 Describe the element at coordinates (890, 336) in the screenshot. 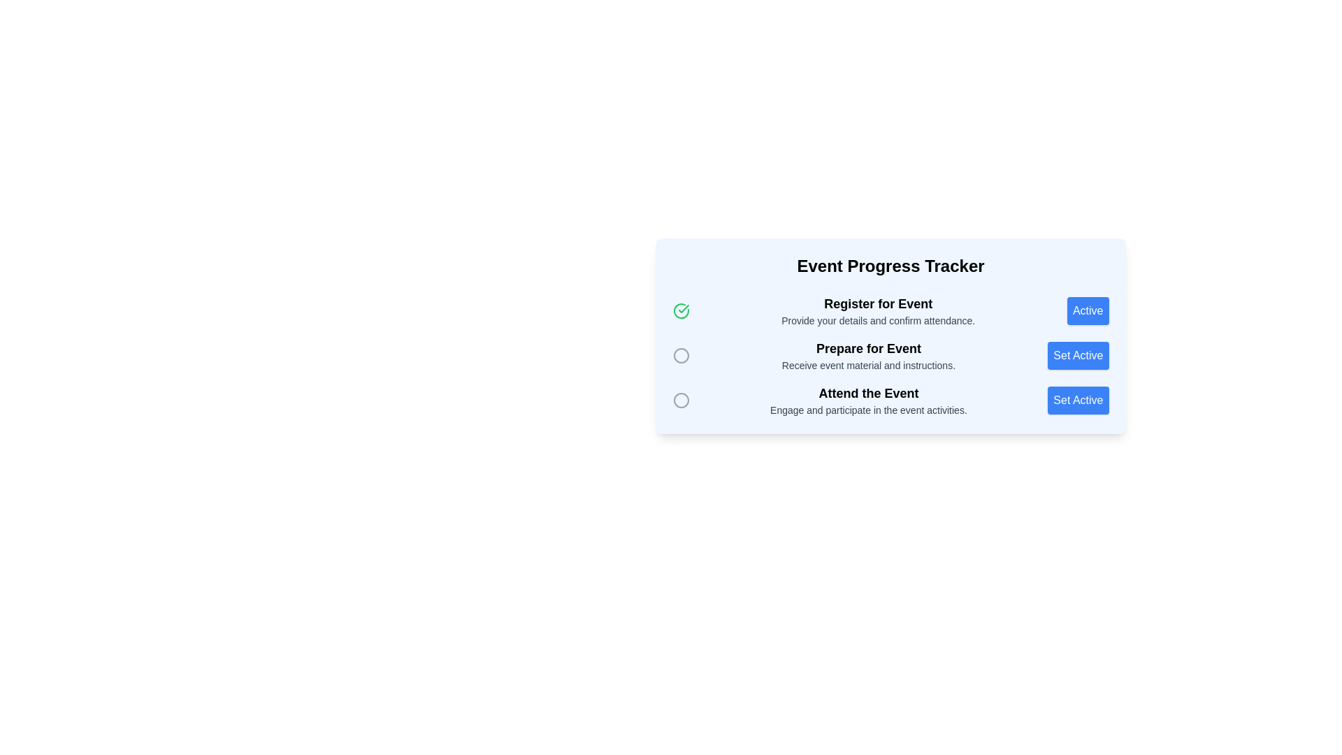

I see `the second milestone in the progress tracker` at that location.